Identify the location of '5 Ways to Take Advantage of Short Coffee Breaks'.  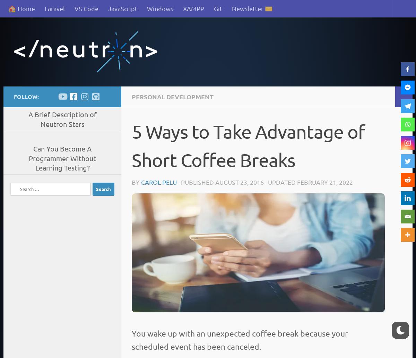
(248, 145).